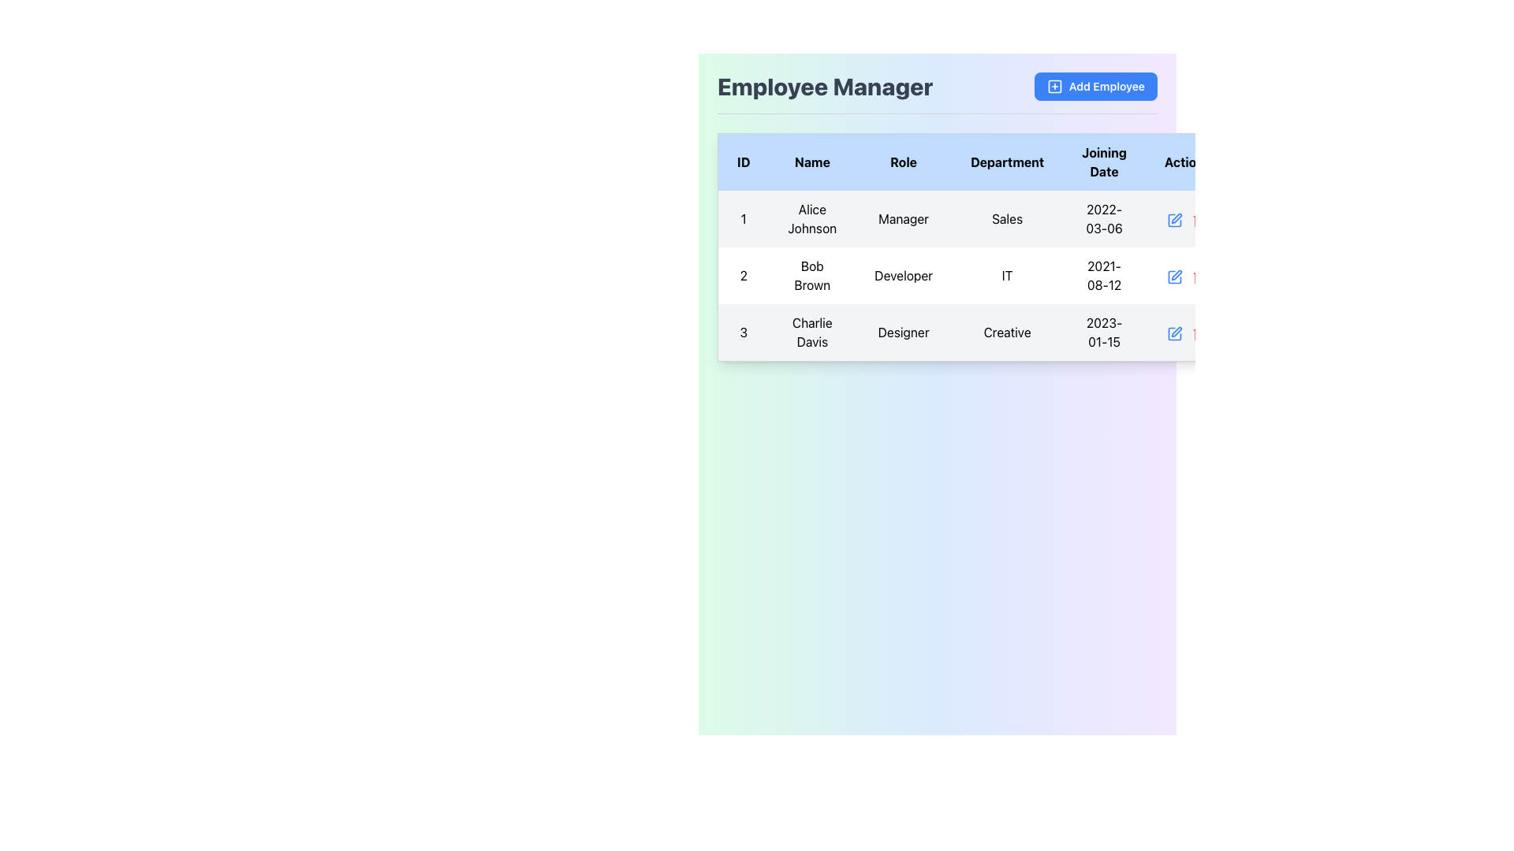 The height and width of the screenshot is (851, 1514). I want to click on the edit icon represented by a square with a slanted pen overlay in the 'Action' column of the first row for 'Alice Johnson' in the employee table, so click(1175, 220).